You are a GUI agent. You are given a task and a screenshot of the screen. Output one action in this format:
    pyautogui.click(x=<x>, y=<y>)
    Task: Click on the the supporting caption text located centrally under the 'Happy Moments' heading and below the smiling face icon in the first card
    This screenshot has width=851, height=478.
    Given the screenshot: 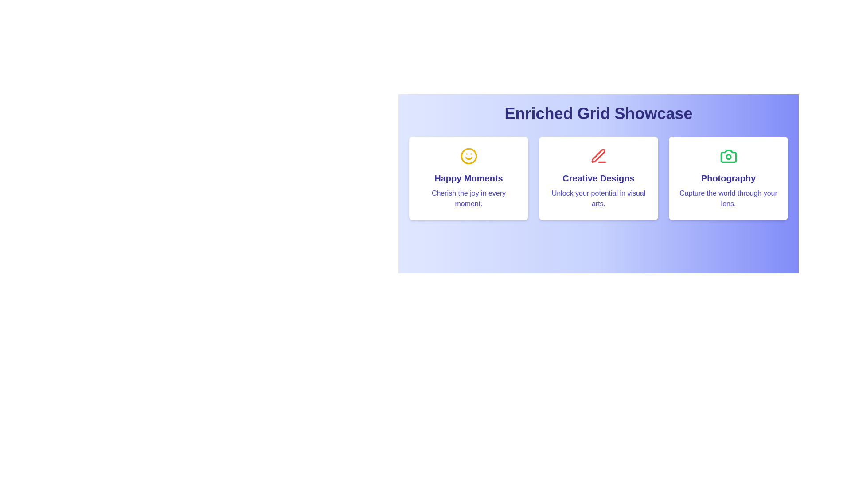 What is the action you would take?
    pyautogui.click(x=468, y=198)
    